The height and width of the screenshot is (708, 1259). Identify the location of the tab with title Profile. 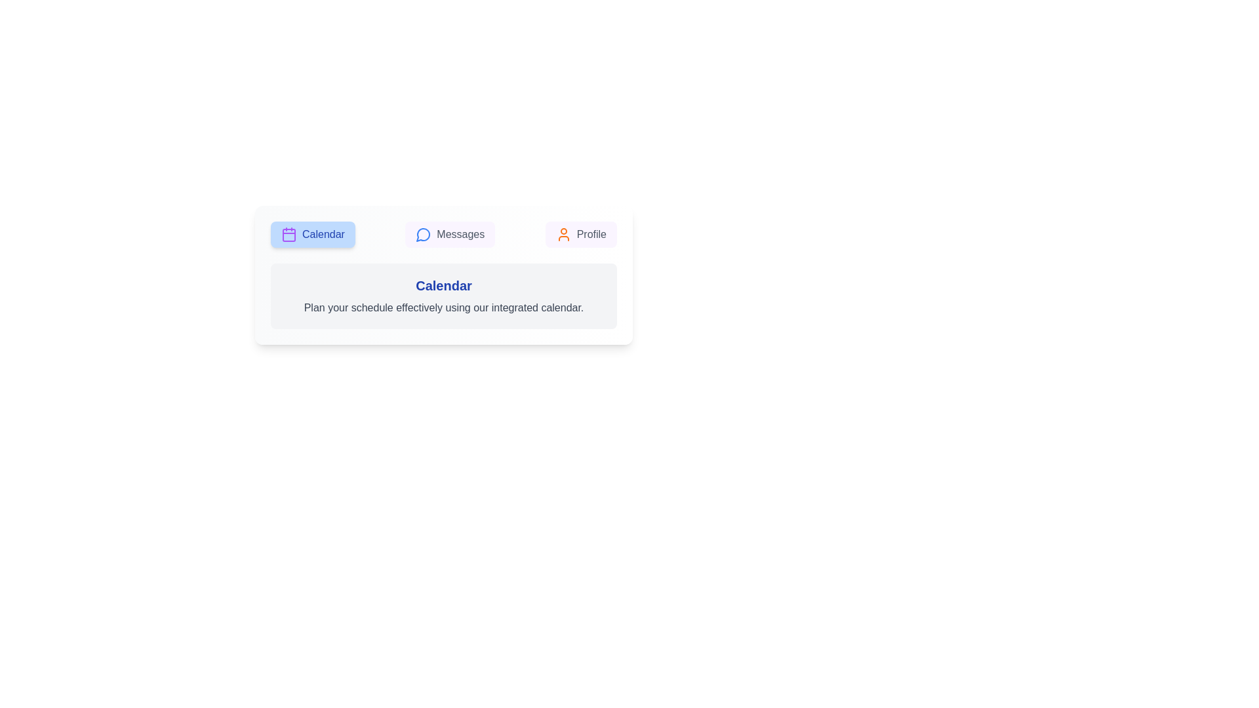
(580, 234).